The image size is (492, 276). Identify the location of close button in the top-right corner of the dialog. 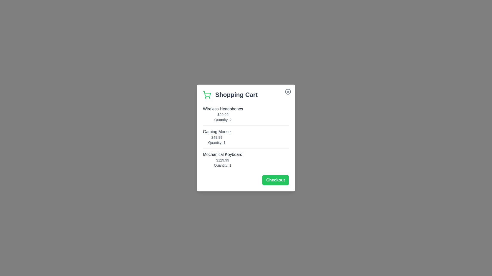
(288, 91).